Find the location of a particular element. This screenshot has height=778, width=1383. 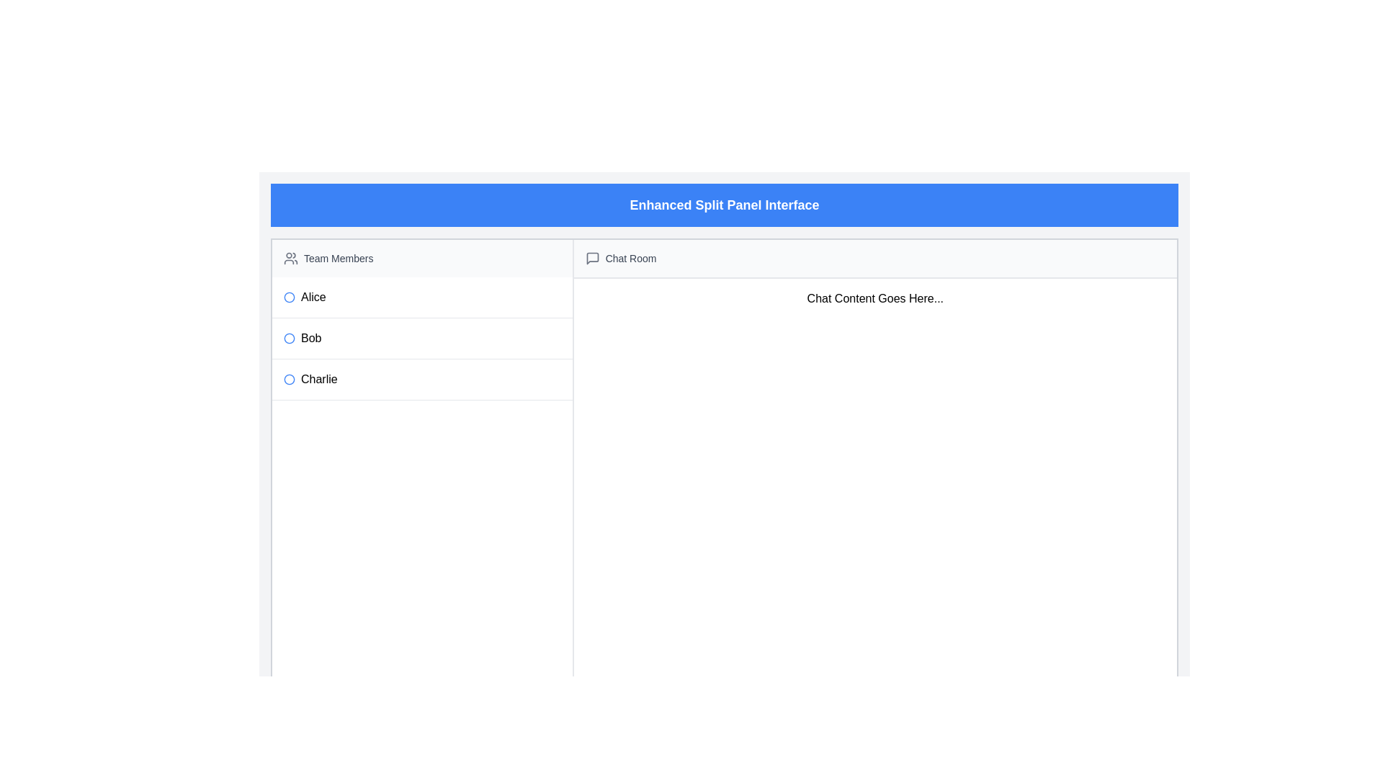

the text label displaying 'Bob', which is the second entry in a vertically aligned list of names is located at coordinates (310, 339).